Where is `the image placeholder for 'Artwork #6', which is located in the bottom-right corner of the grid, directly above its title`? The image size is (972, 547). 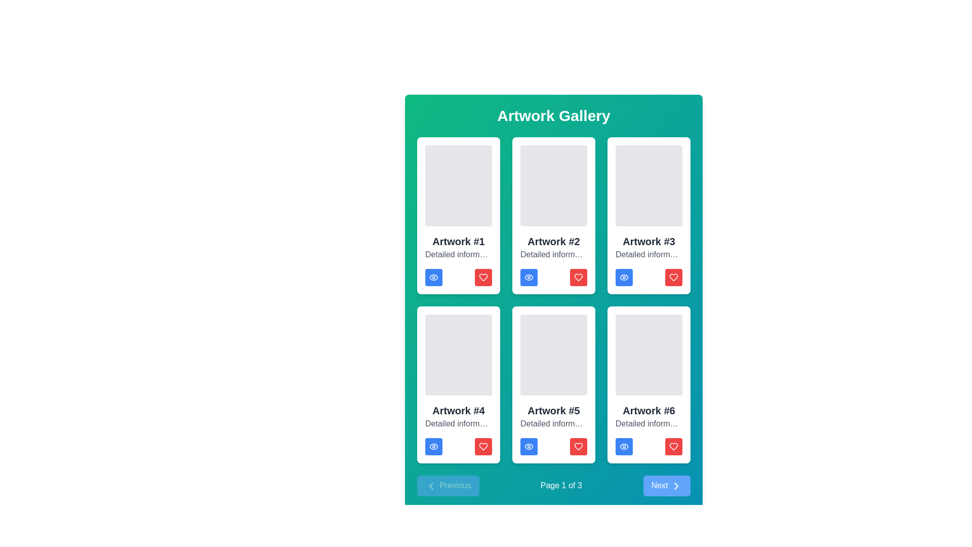 the image placeholder for 'Artwork #6', which is located in the bottom-right corner of the grid, directly above its title is located at coordinates (649, 355).